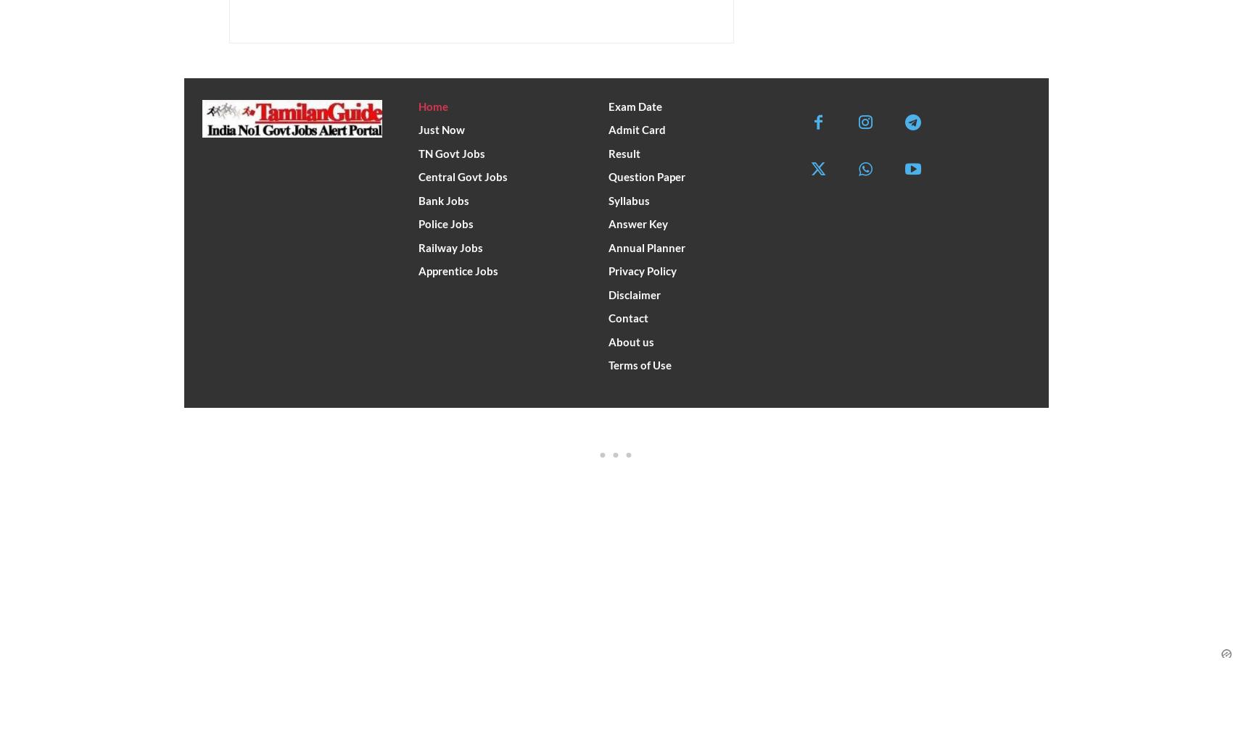 This screenshot has height=736, width=1233. I want to click on 'Just Now', so click(417, 129).